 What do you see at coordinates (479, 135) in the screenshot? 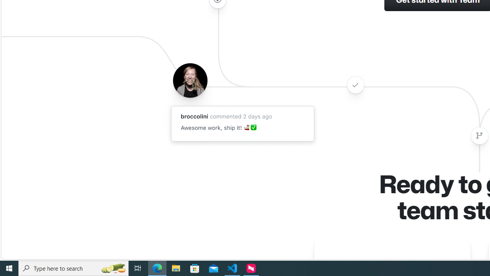
I see `'Class: color-fg-muted width-full'` at bounding box center [479, 135].